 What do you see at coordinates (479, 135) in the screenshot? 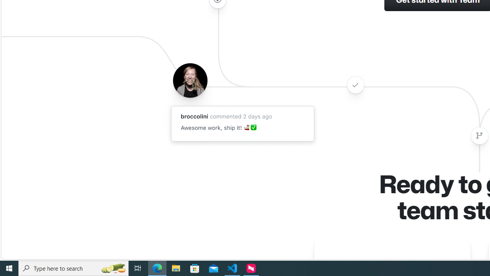
I see `'Class: color-fg-muted width-full'` at bounding box center [479, 135].